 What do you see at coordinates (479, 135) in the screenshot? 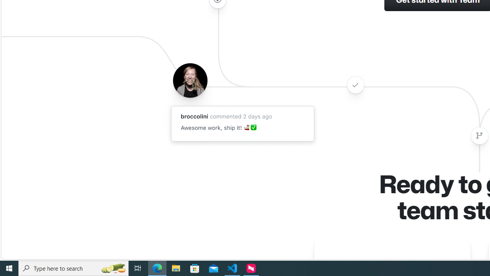
I see `'Class: color-fg-muted width-full'` at bounding box center [479, 135].